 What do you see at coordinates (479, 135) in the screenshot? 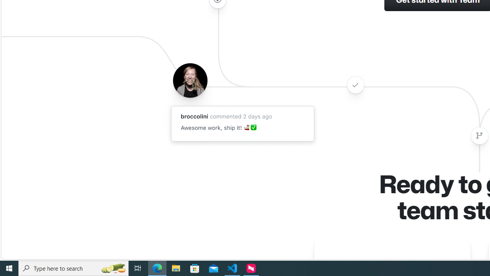
I see `'Class: color-fg-muted width-full'` at bounding box center [479, 135].